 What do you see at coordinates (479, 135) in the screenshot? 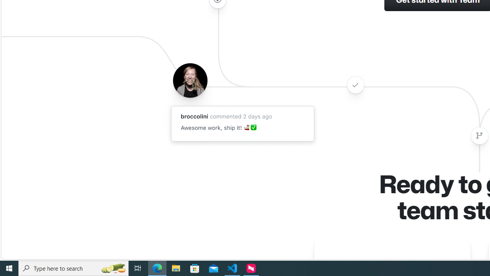
I see `'Class: color-fg-muted width-full'` at bounding box center [479, 135].